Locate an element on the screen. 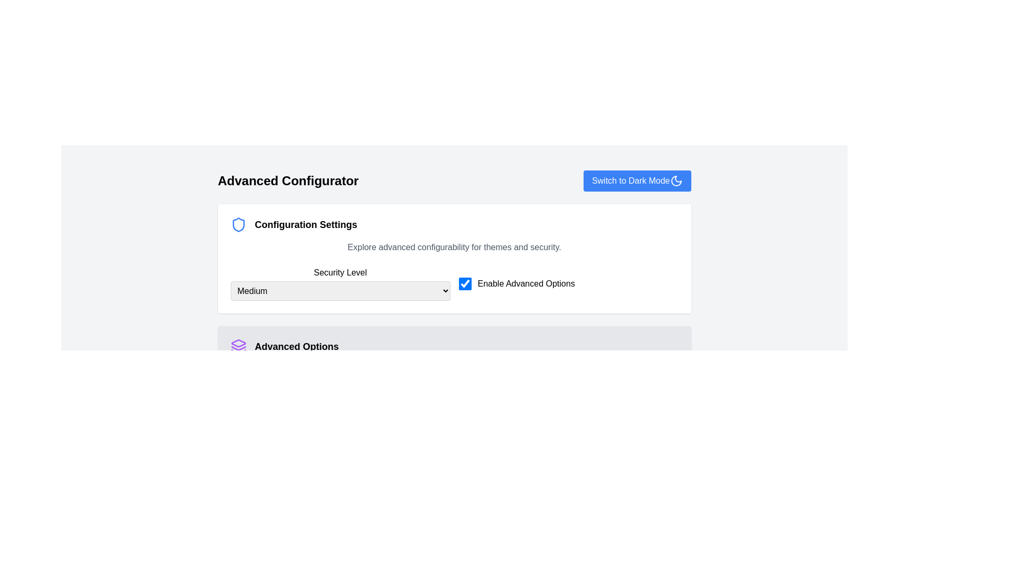  the checkbox titled 'Enable Advanced Options' within the 'Configuration Settings' section is located at coordinates (454, 283).